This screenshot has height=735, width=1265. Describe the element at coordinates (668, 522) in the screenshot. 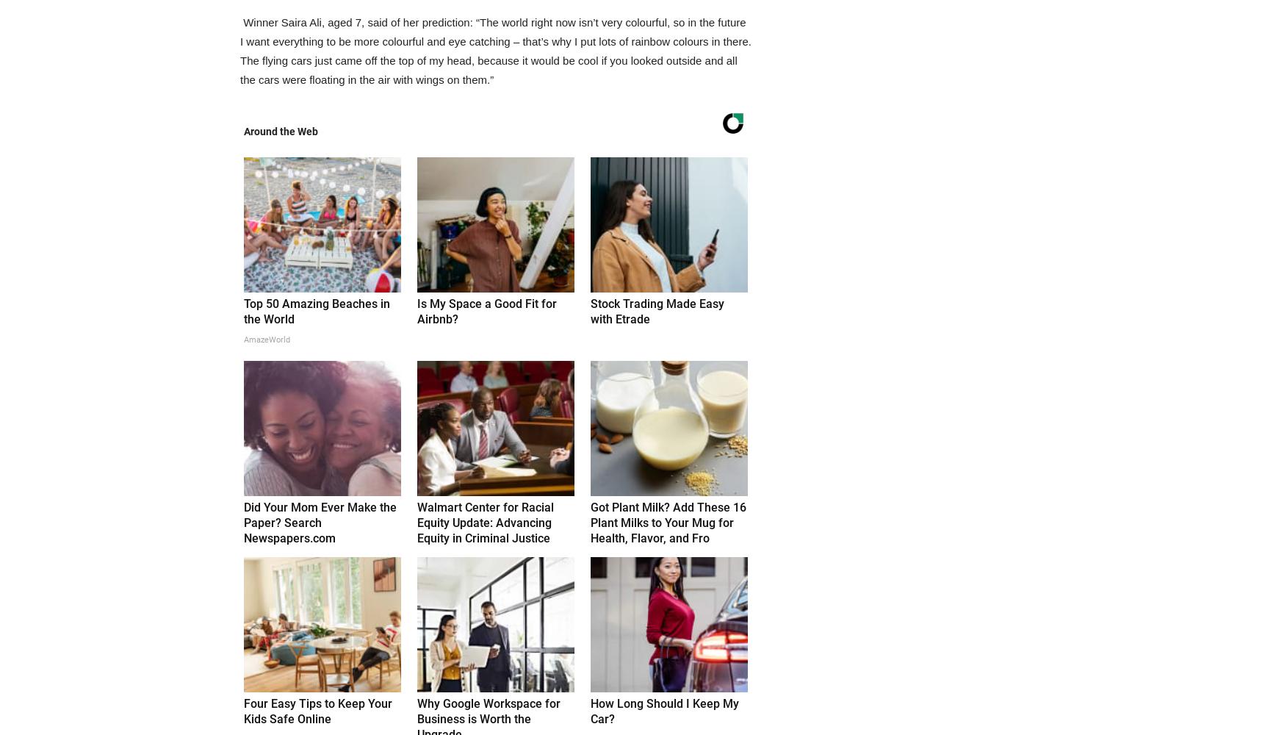

I see `'Got Plant Milk? Add These 16 Plant Milks to Your Mug for Health, Flavor, and Fro'` at that location.